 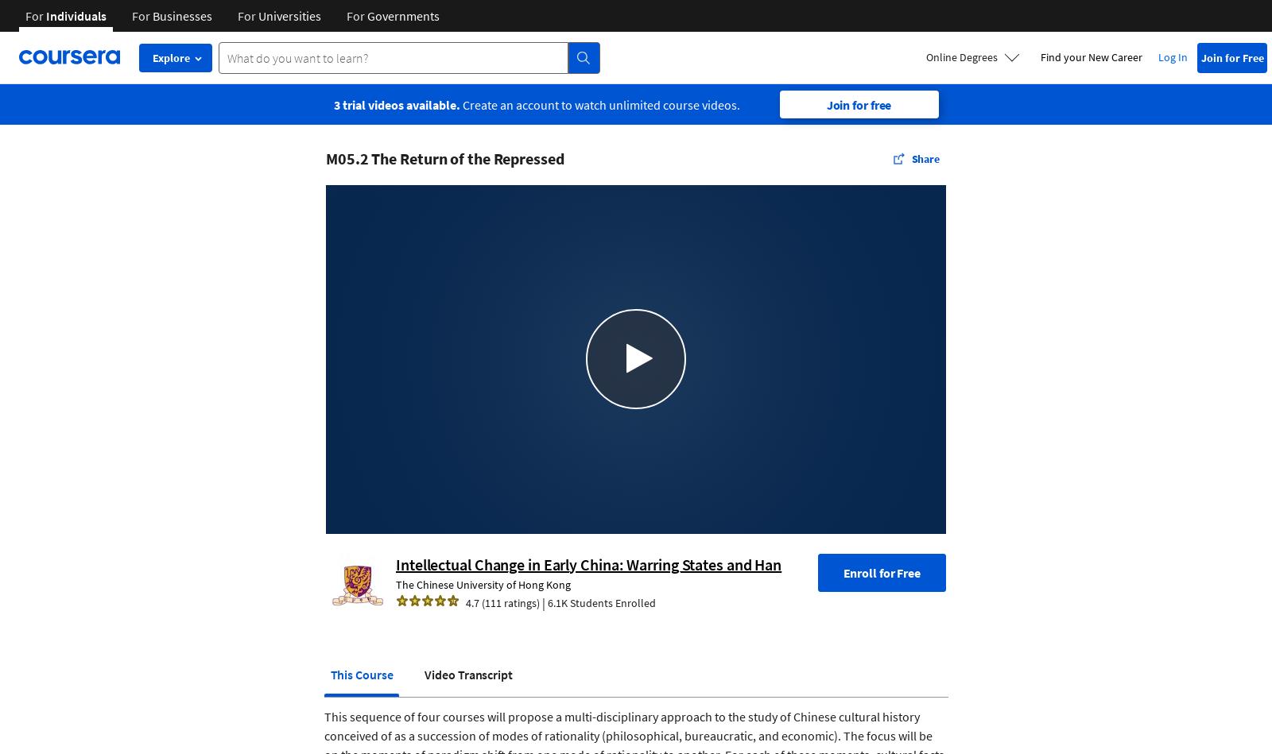 What do you see at coordinates (881, 572) in the screenshot?
I see `'Enroll for Free'` at bounding box center [881, 572].